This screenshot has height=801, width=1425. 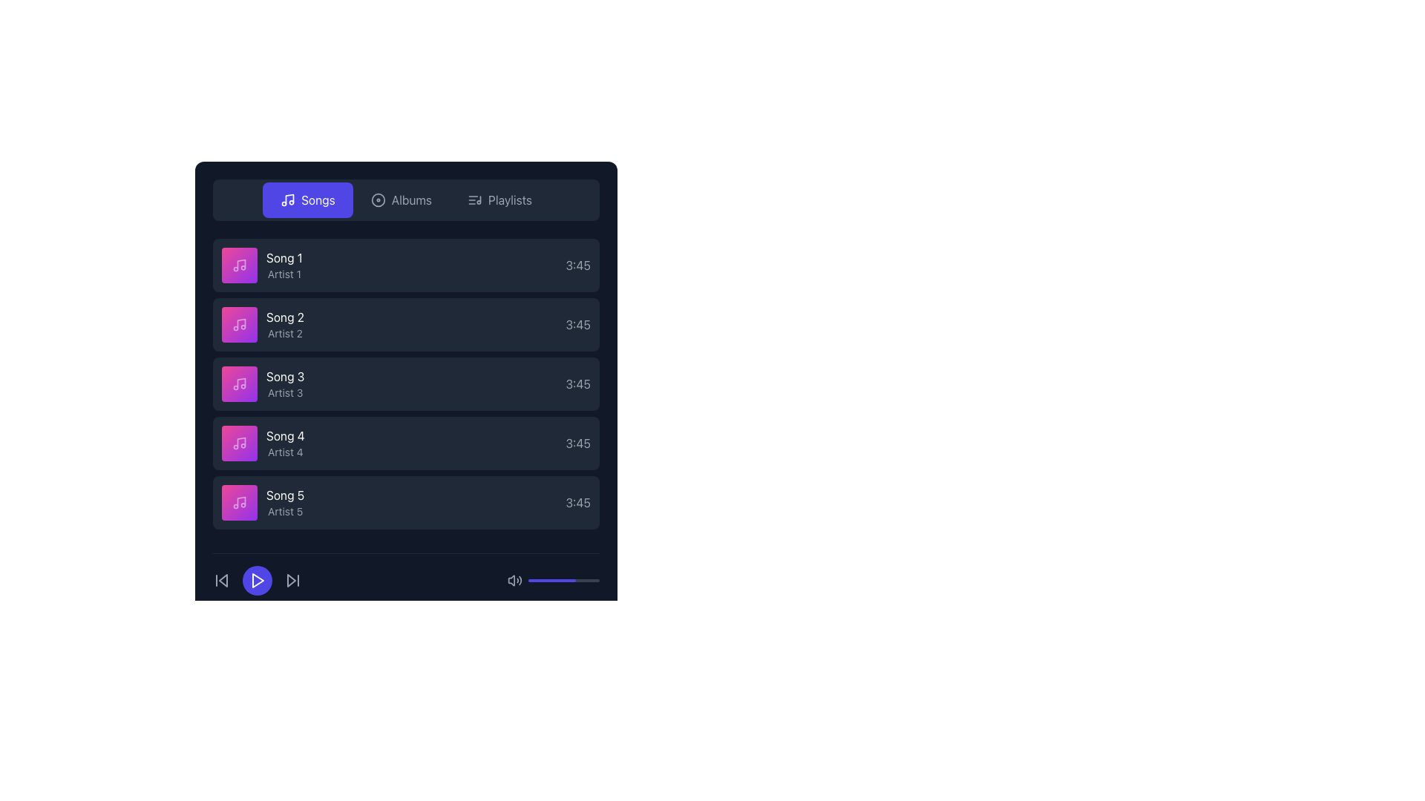 What do you see at coordinates (263, 442) in the screenshot?
I see `on the List Item displaying 'Song 4' and 'Artist 4'` at bounding box center [263, 442].